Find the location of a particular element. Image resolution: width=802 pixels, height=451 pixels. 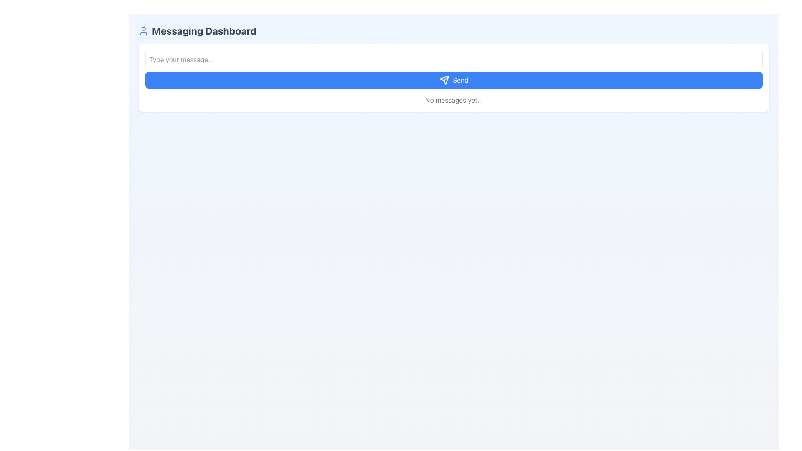

the Static Text Label that displays 'No messages yet...' which is positioned below the blue 'Send' button is located at coordinates (453, 99).